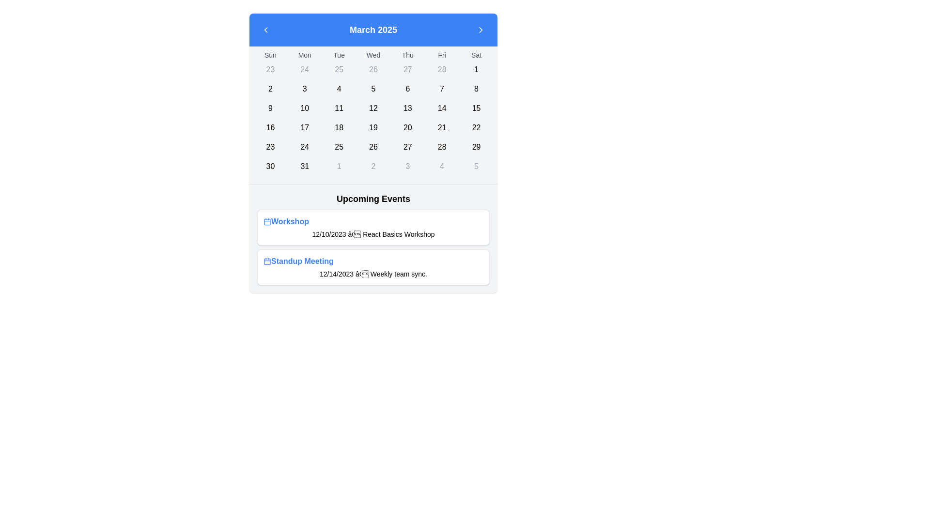 The image size is (930, 523). Describe the element at coordinates (407, 55) in the screenshot. I see `the static text label for Thursday in the calendar interface, located between the labels for Wednesday and Friday` at that location.